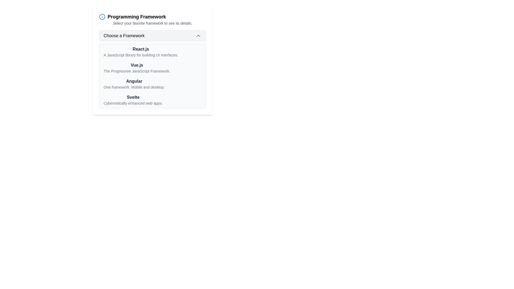  I want to click on the text snippet displaying 'One framework. Mobile and desktop.' which is located below the 'Angular' label in the description area, so click(134, 87).